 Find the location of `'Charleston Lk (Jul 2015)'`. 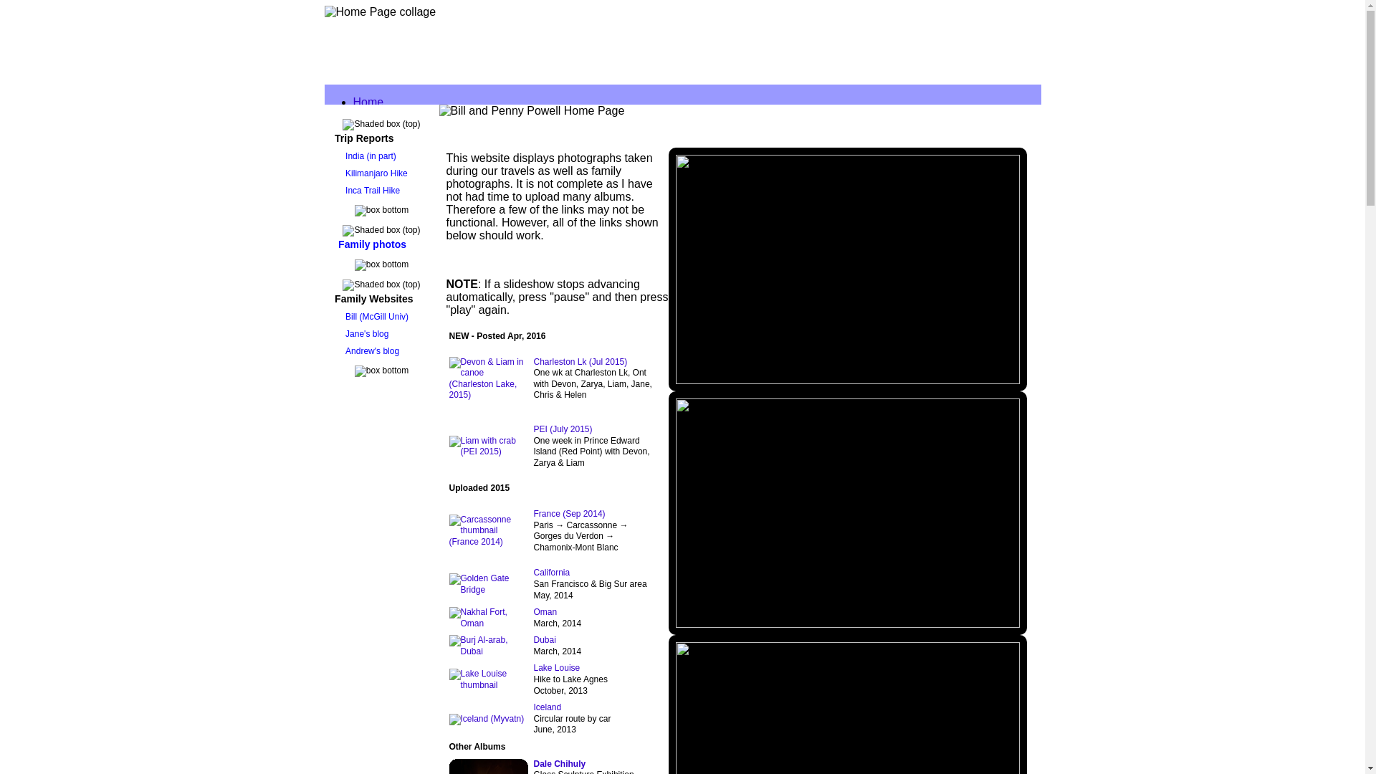

'Charleston Lk (Jul 2015)' is located at coordinates (580, 361).